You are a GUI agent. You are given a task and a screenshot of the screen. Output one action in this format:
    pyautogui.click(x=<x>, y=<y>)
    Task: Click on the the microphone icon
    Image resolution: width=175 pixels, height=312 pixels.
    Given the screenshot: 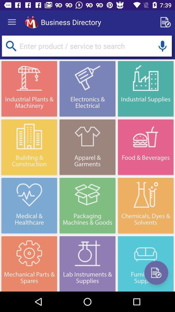 What is the action you would take?
    pyautogui.click(x=162, y=45)
    